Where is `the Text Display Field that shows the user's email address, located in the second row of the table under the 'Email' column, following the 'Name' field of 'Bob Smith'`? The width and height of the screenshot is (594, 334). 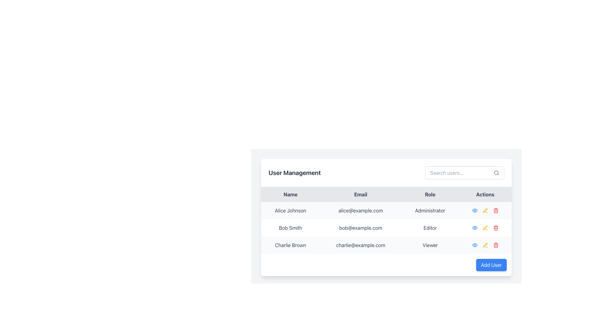 the Text Display Field that shows the user's email address, located in the second row of the table under the 'Email' column, following the 'Name' field of 'Bob Smith' is located at coordinates (361, 228).